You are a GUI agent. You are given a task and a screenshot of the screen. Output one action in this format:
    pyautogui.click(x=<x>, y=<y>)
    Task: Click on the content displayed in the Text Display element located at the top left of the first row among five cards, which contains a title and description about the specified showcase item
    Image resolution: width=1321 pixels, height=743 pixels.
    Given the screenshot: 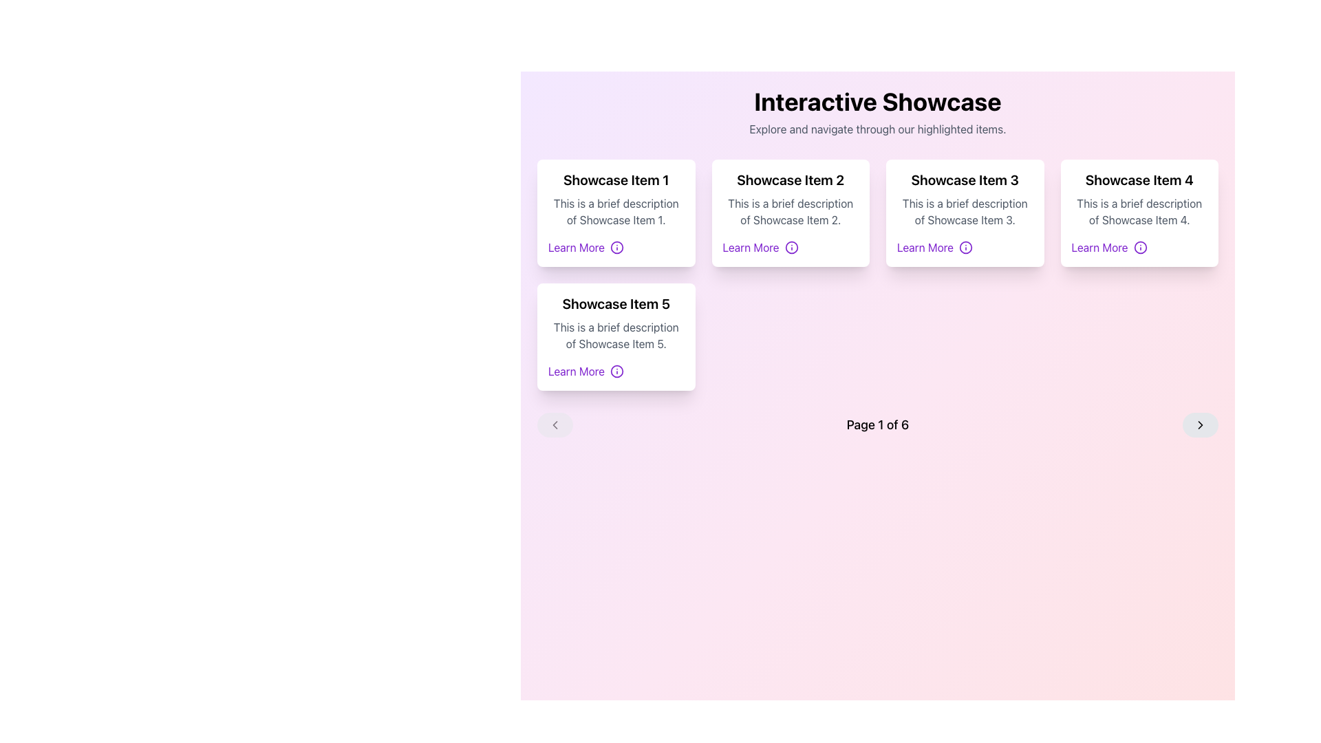 What is the action you would take?
    pyautogui.click(x=615, y=199)
    